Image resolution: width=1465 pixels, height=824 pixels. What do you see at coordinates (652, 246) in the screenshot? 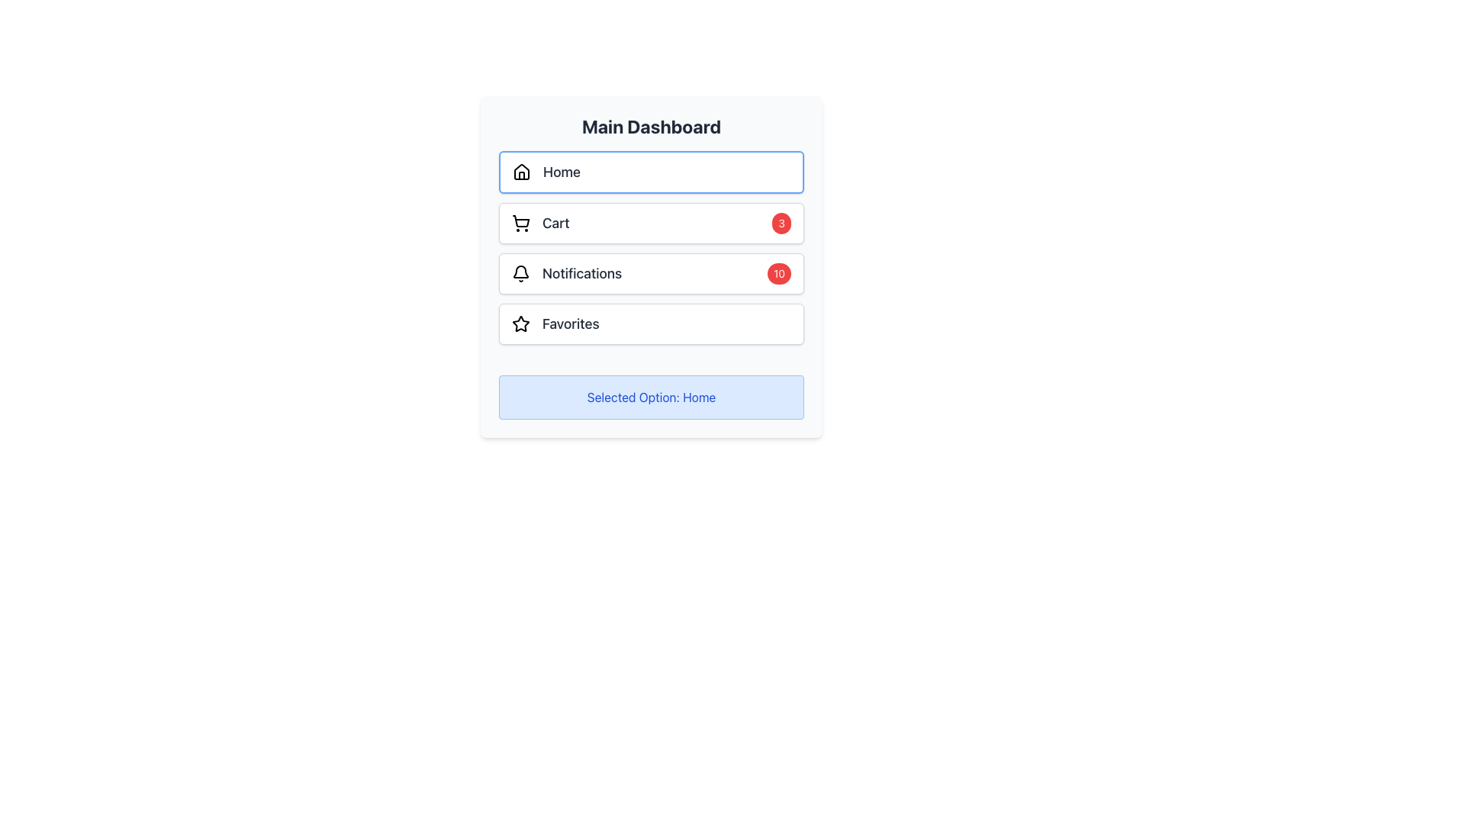
I see `the vertical navigation menu element containing options like 'Home', 'Cart', 'Notifications', and 'Favorites'` at bounding box center [652, 246].